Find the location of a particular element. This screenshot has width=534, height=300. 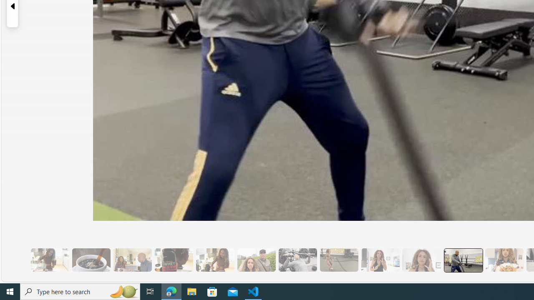

'13 Her Husband Does Group Cardio Classs' is located at coordinates (463, 260).